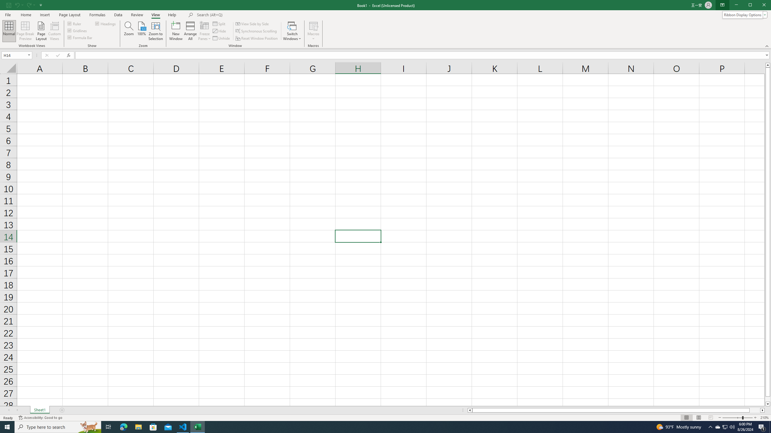  What do you see at coordinates (313, 31) in the screenshot?
I see `'Macros'` at bounding box center [313, 31].